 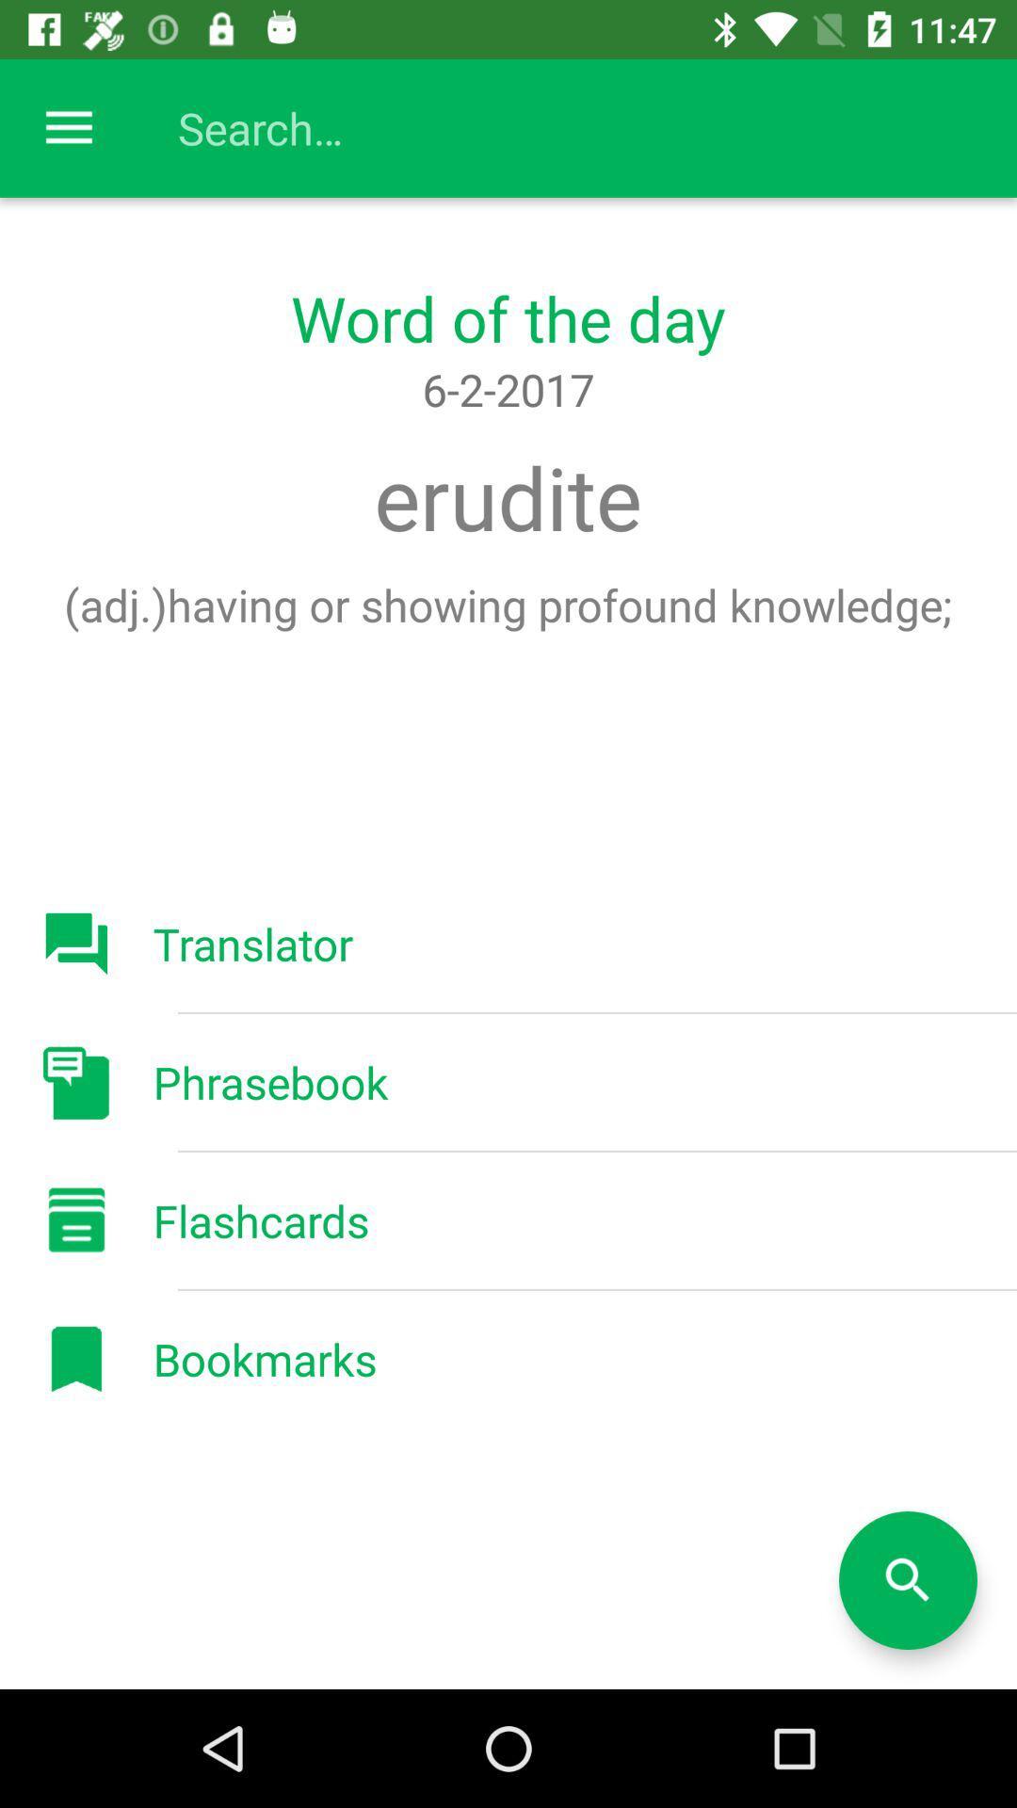 I want to click on the bookmarks item, so click(x=265, y=1359).